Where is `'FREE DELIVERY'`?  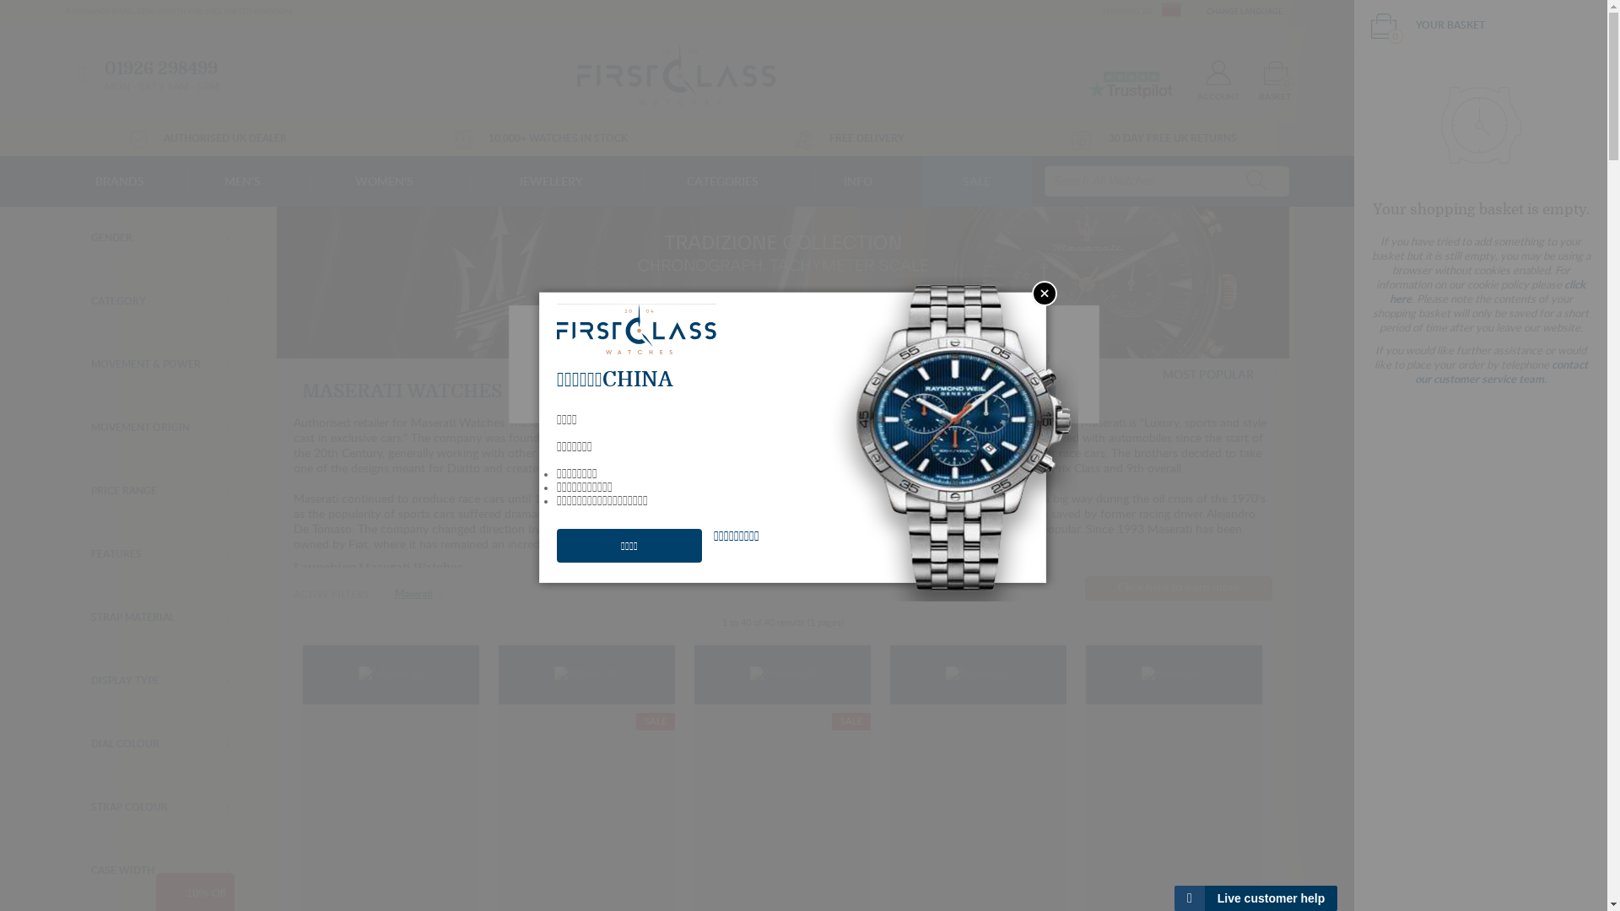 'FREE DELIVERY' is located at coordinates (842, 137).